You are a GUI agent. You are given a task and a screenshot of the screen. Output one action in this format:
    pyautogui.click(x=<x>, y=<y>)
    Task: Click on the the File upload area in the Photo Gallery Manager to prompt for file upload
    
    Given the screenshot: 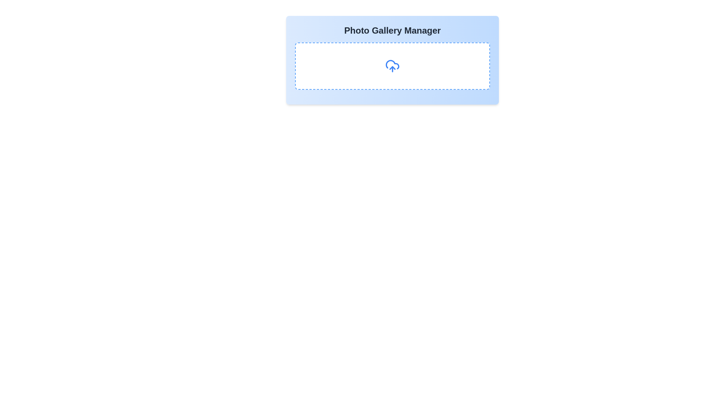 What is the action you would take?
    pyautogui.click(x=392, y=65)
    